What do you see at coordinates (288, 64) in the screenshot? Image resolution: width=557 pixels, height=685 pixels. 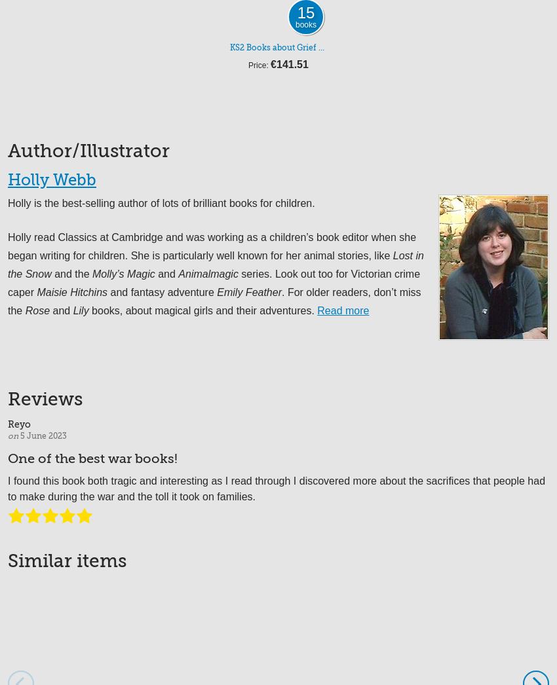 I see `'€141.51'` at bounding box center [288, 64].